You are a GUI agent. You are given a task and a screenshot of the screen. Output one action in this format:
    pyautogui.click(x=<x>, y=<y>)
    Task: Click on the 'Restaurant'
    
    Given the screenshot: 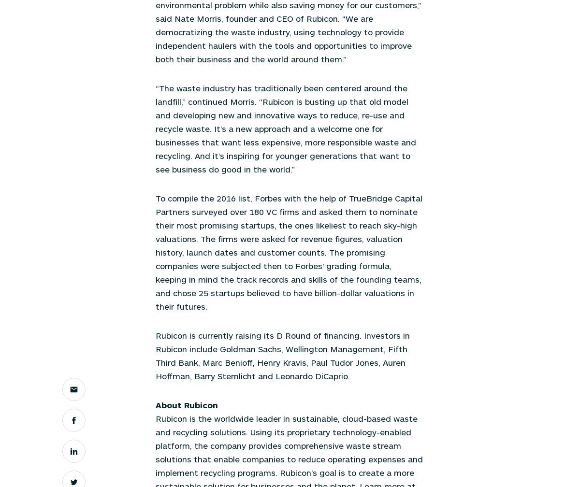 What is the action you would take?
    pyautogui.click(x=173, y=109)
    